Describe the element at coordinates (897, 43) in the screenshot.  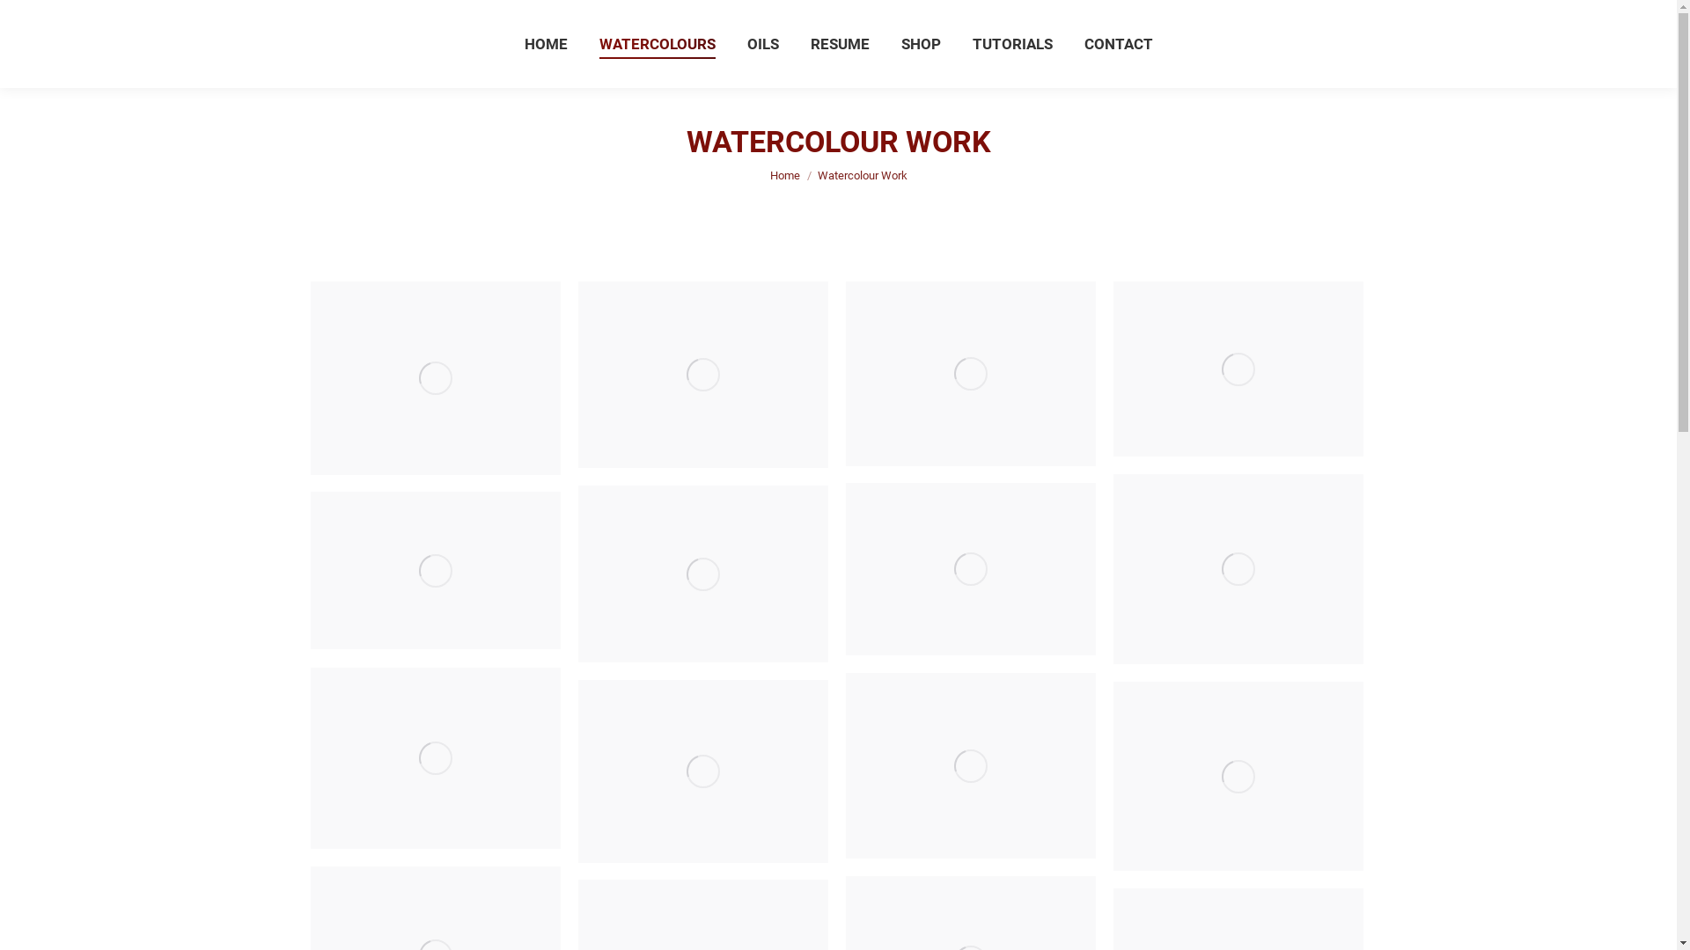
I see `'SHOP'` at that location.